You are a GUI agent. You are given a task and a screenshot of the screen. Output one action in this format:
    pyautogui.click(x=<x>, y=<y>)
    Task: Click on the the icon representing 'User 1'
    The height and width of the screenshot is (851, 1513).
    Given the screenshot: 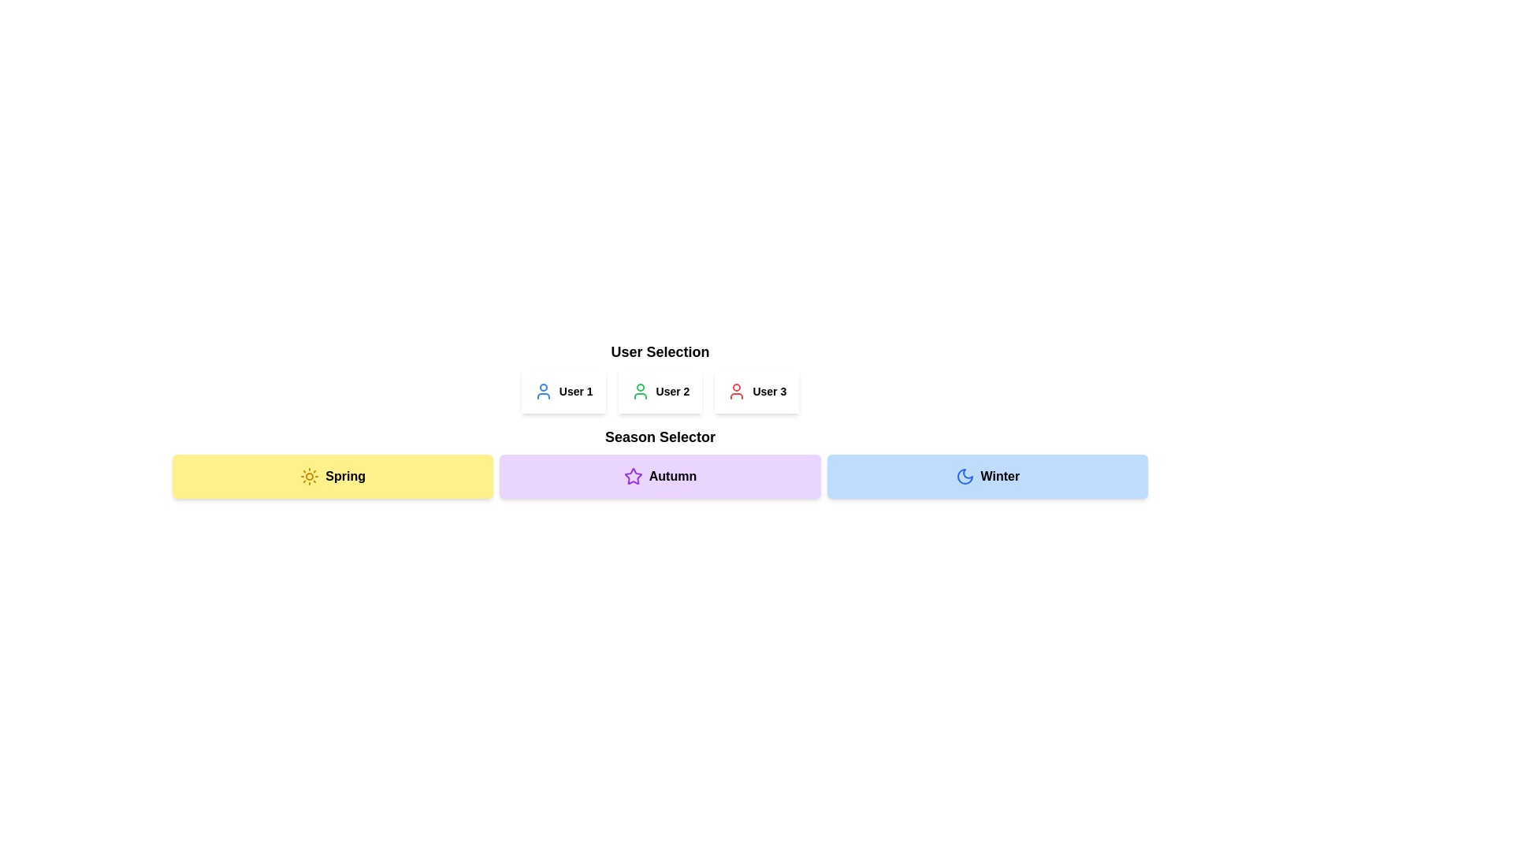 What is the action you would take?
    pyautogui.click(x=543, y=391)
    